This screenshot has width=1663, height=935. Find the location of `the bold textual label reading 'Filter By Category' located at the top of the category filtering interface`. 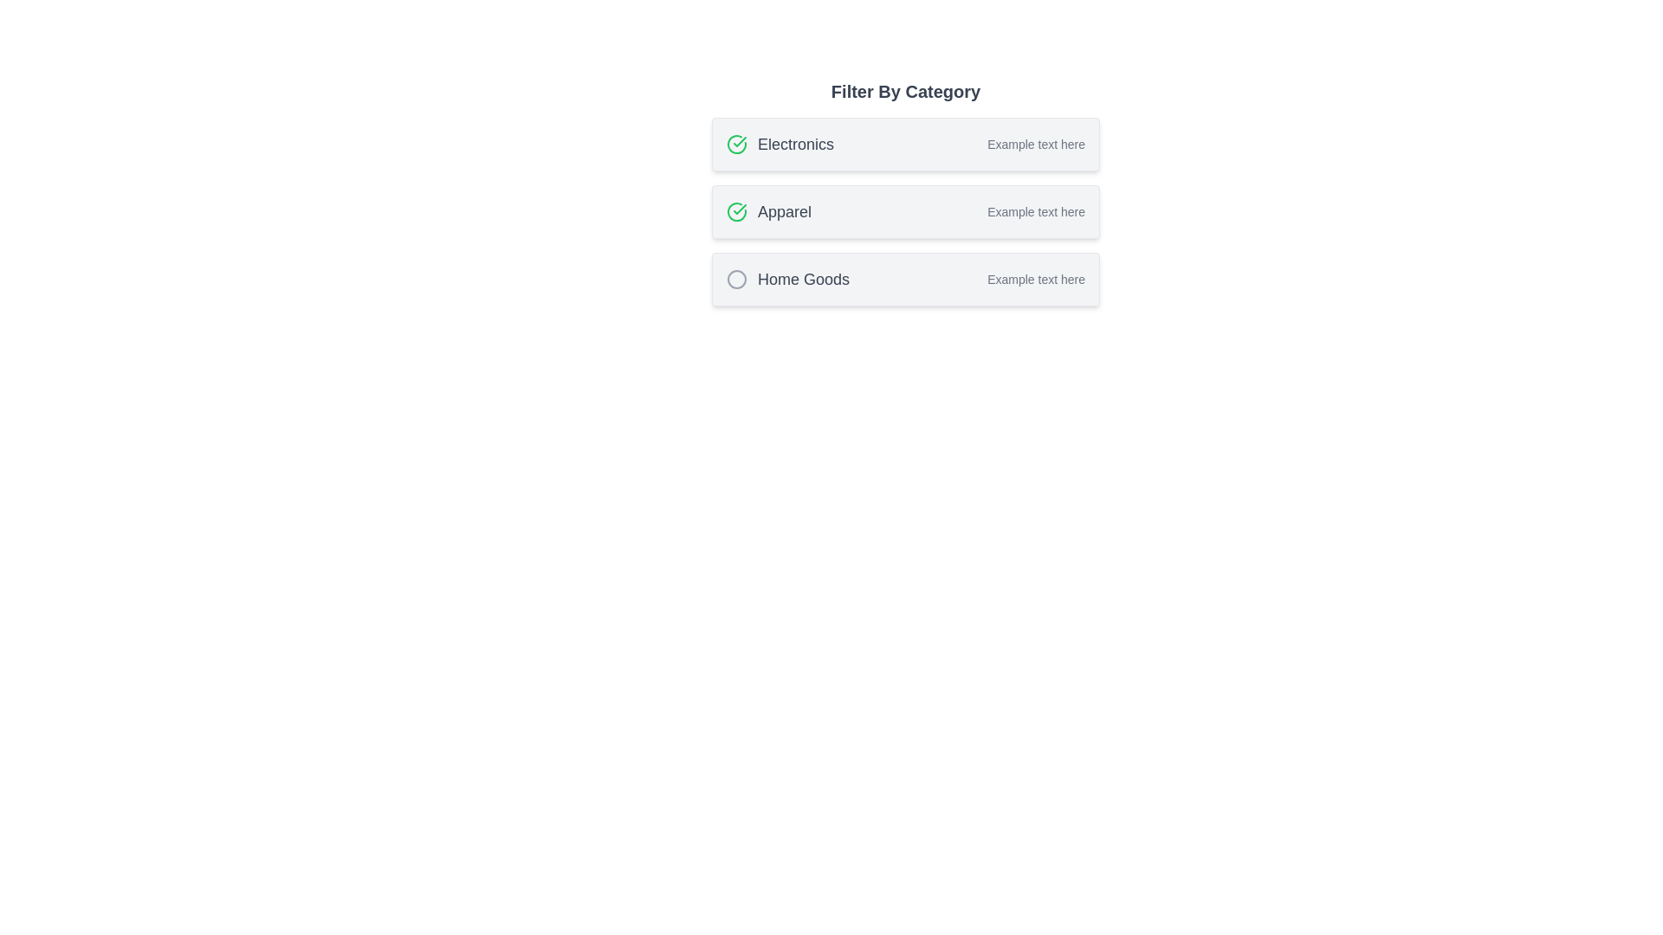

the bold textual label reading 'Filter By Category' located at the top of the category filtering interface is located at coordinates (905, 91).